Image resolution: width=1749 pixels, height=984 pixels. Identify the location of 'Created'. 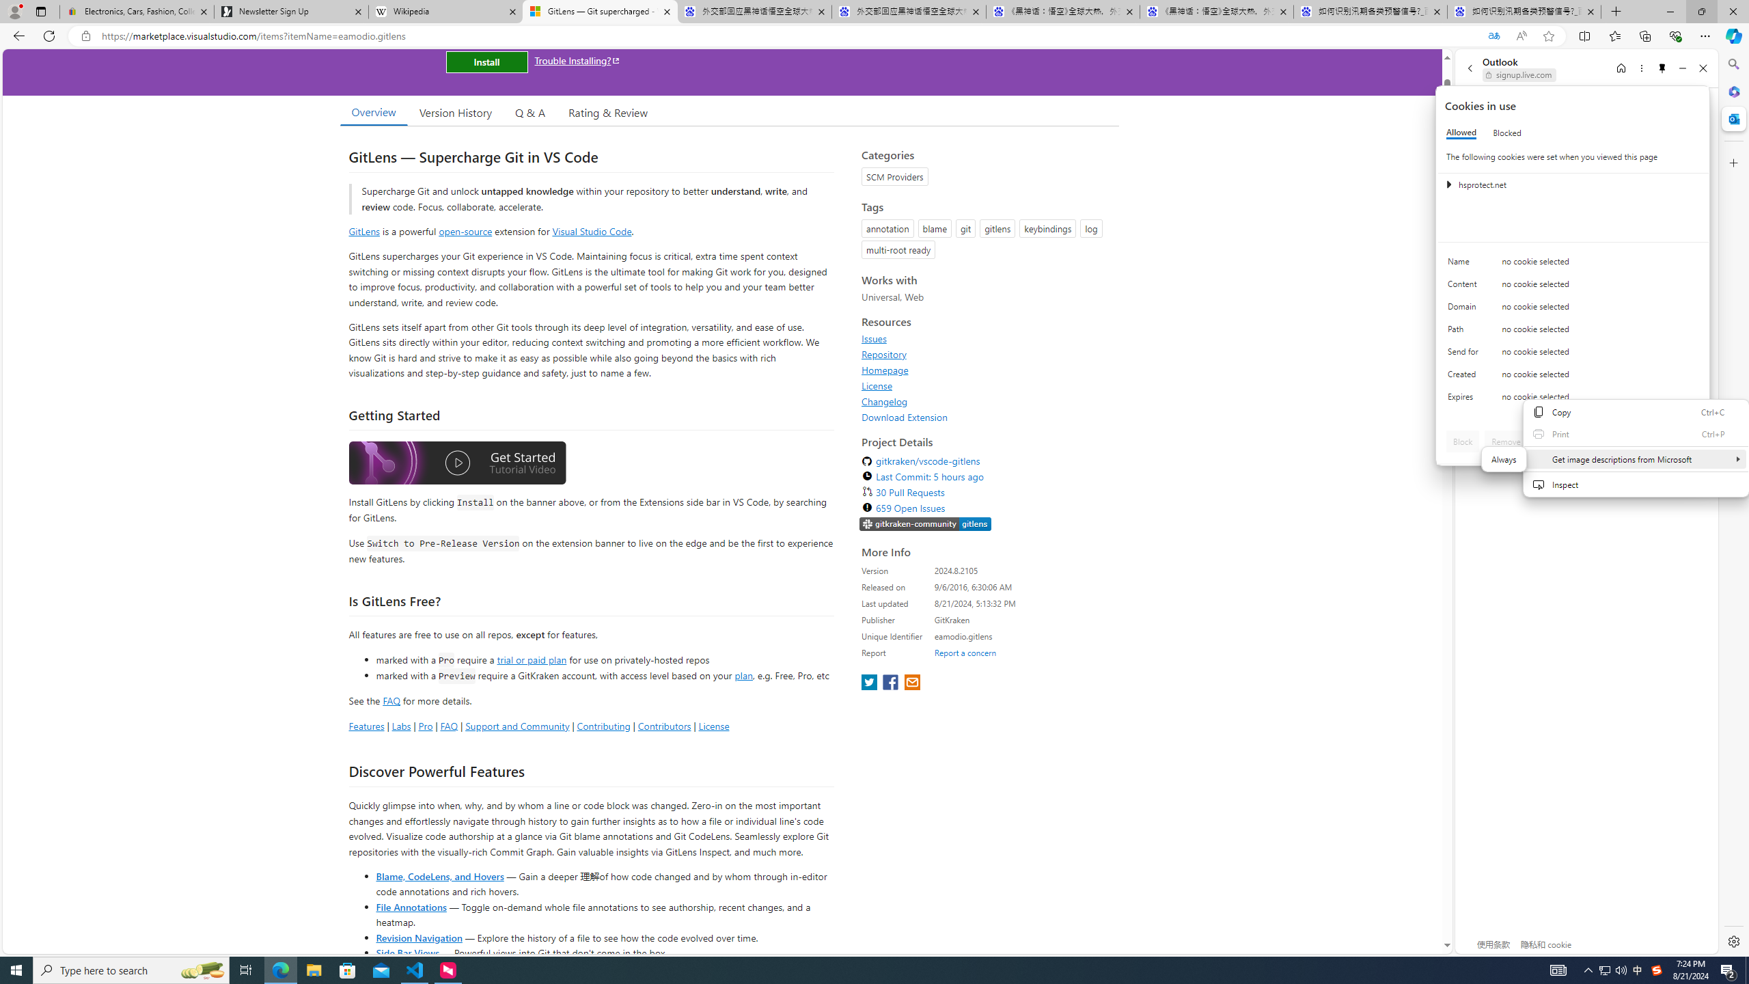
(1465, 377).